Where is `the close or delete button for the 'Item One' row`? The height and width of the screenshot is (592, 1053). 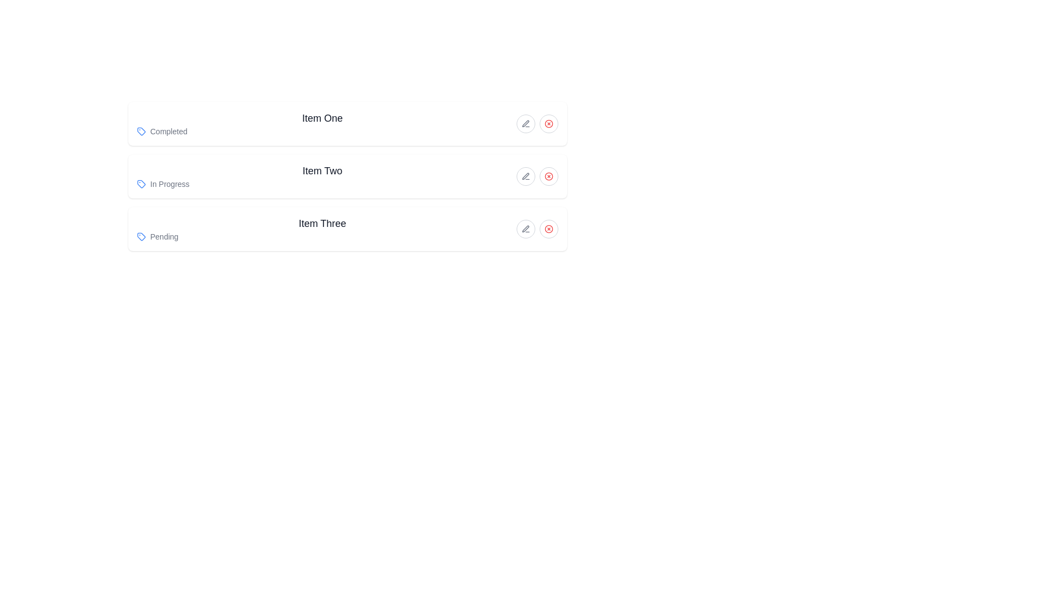
the close or delete button for the 'Item One' row is located at coordinates (549, 123).